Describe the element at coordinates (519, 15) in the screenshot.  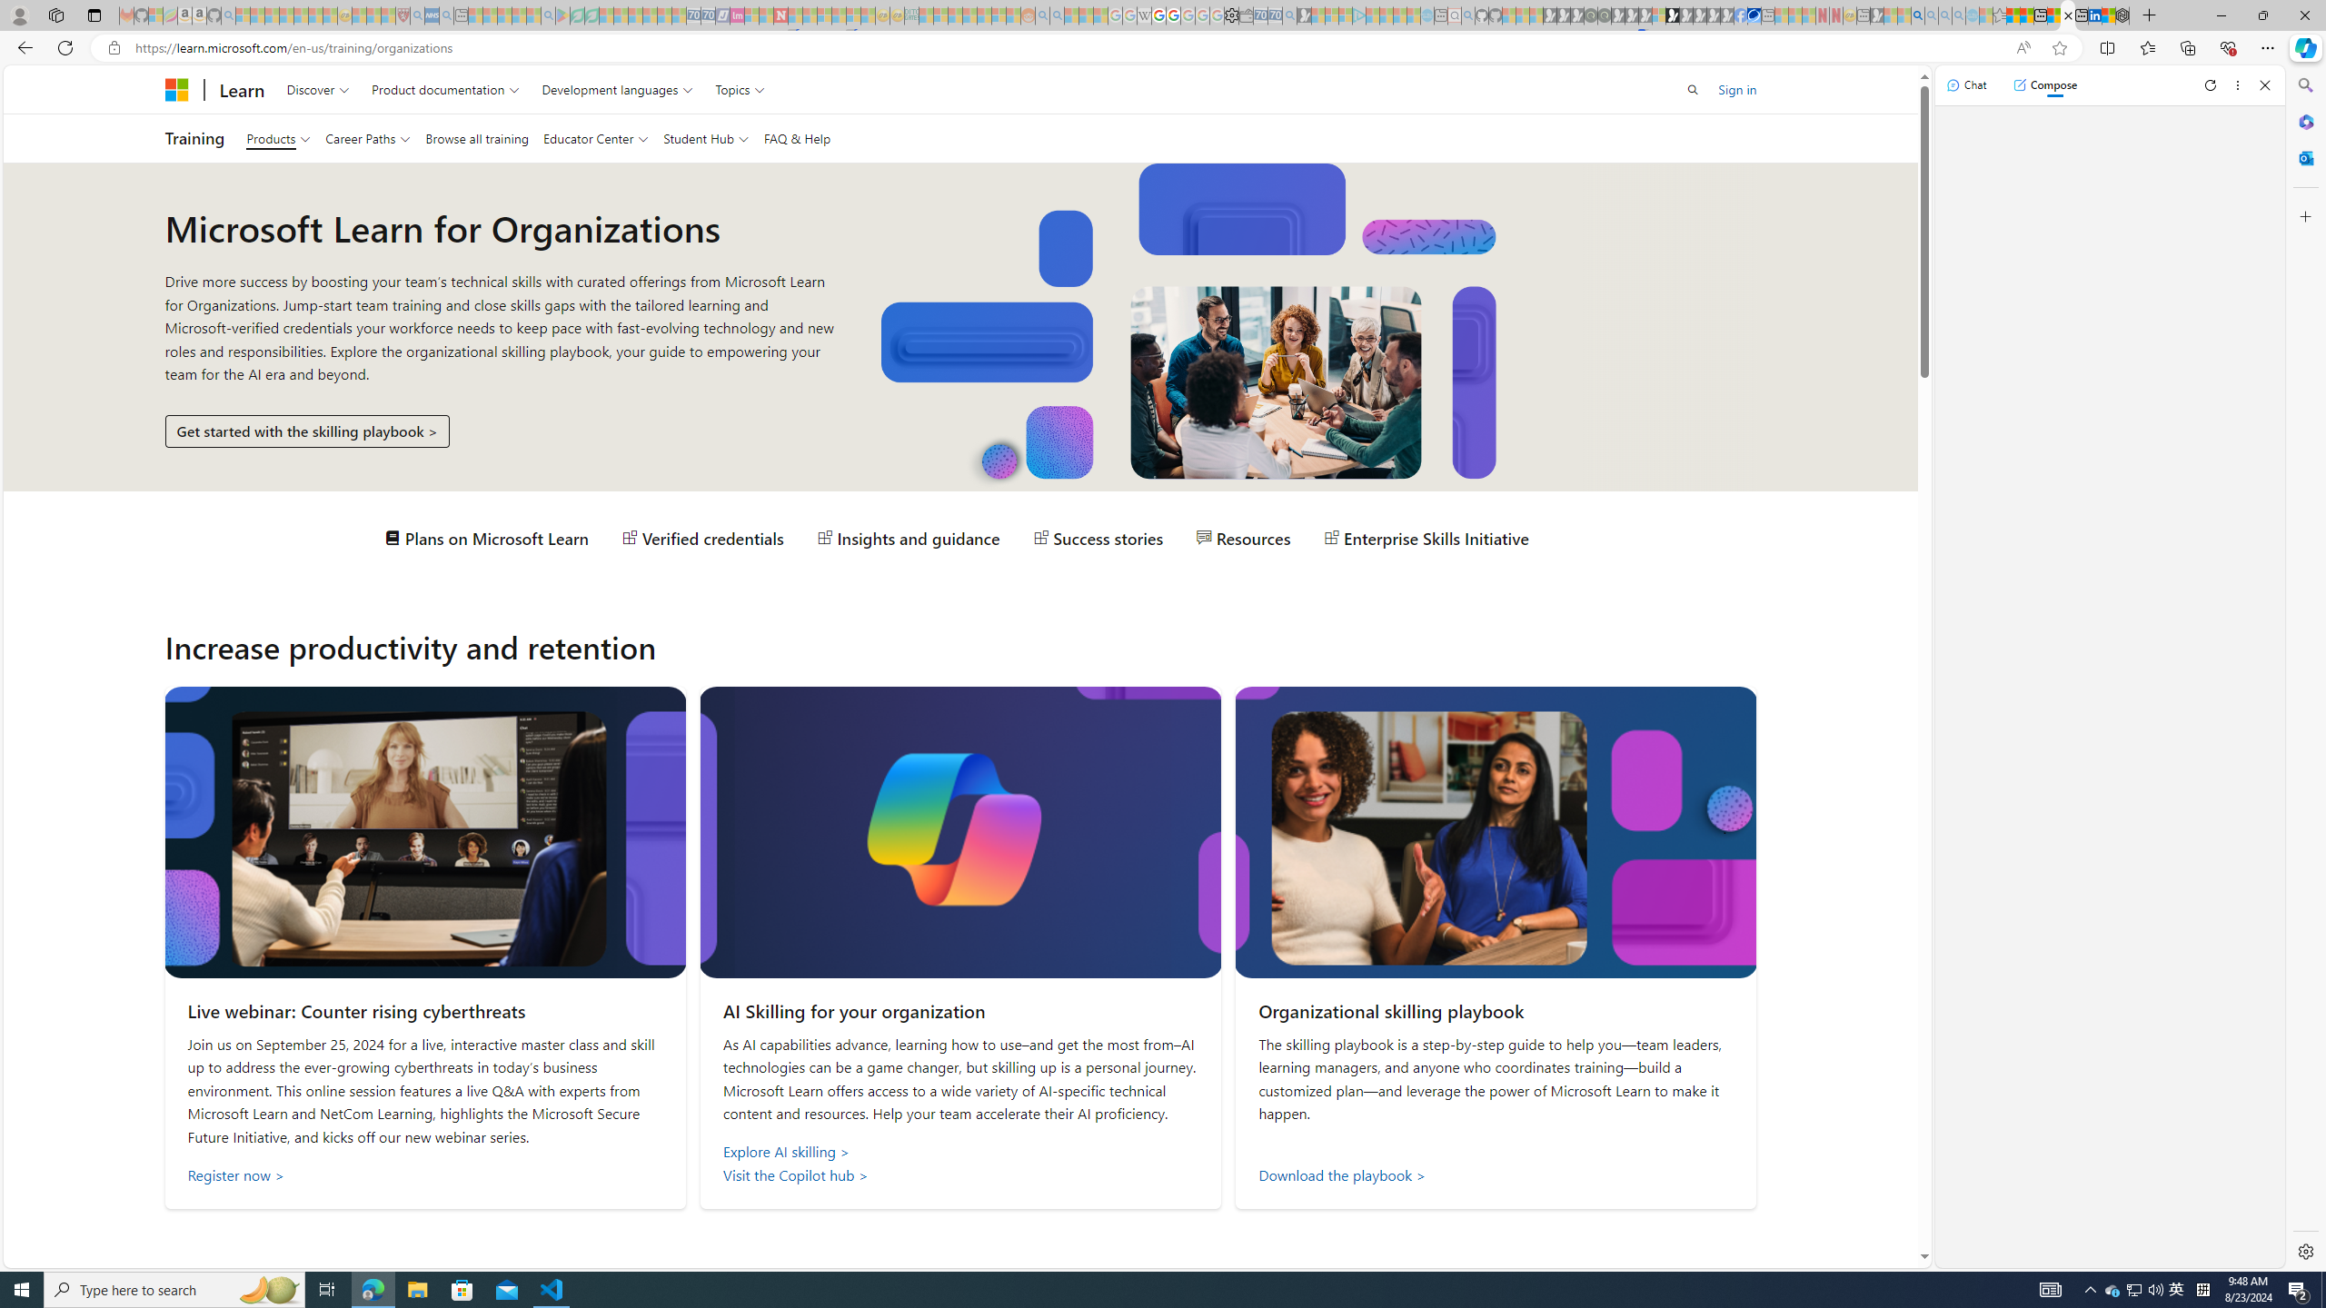
I see `'Pets - MSN - Sleeping'` at that location.